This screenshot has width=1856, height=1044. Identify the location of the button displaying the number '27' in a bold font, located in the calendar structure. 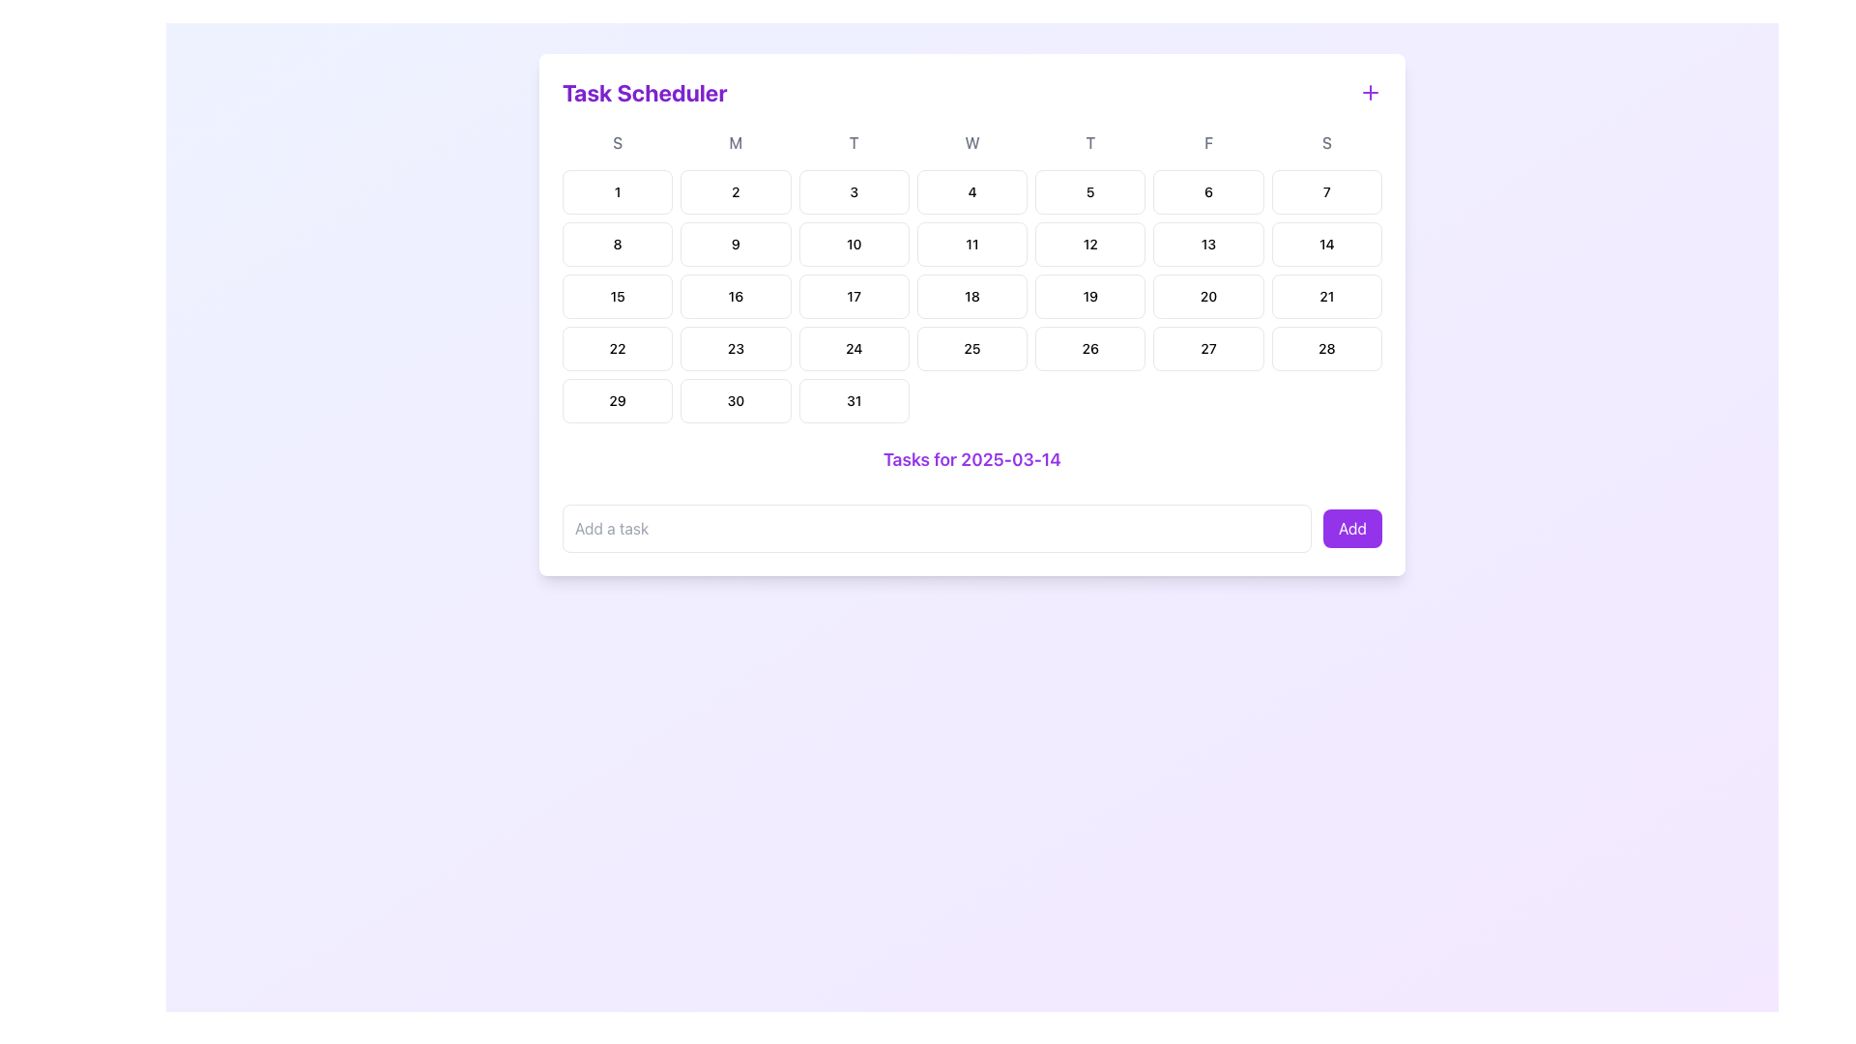
(1207, 349).